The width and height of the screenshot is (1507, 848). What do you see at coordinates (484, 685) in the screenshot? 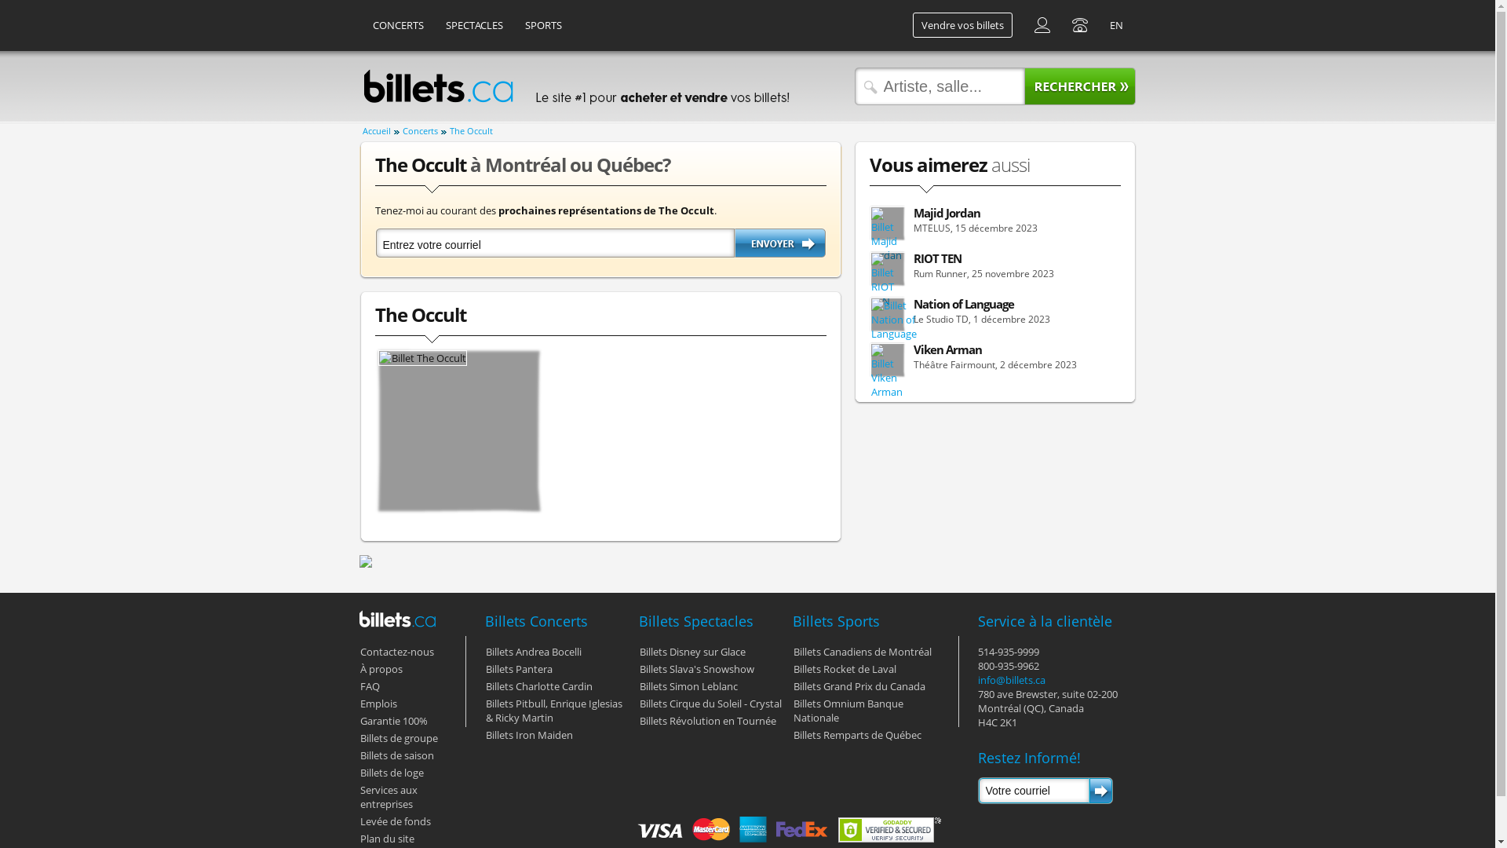
I see `'Billets Charlotte Cardin'` at bounding box center [484, 685].